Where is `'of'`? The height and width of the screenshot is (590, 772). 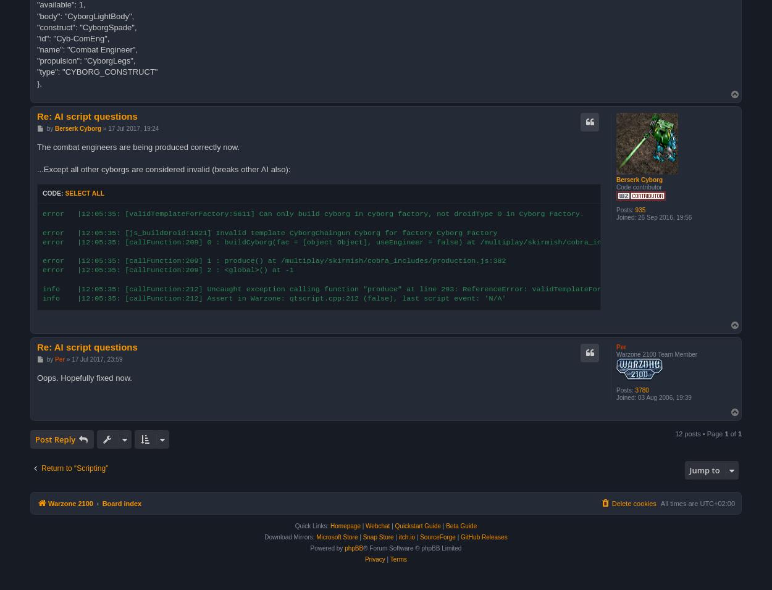
'of' is located at coordinates (732, 433).